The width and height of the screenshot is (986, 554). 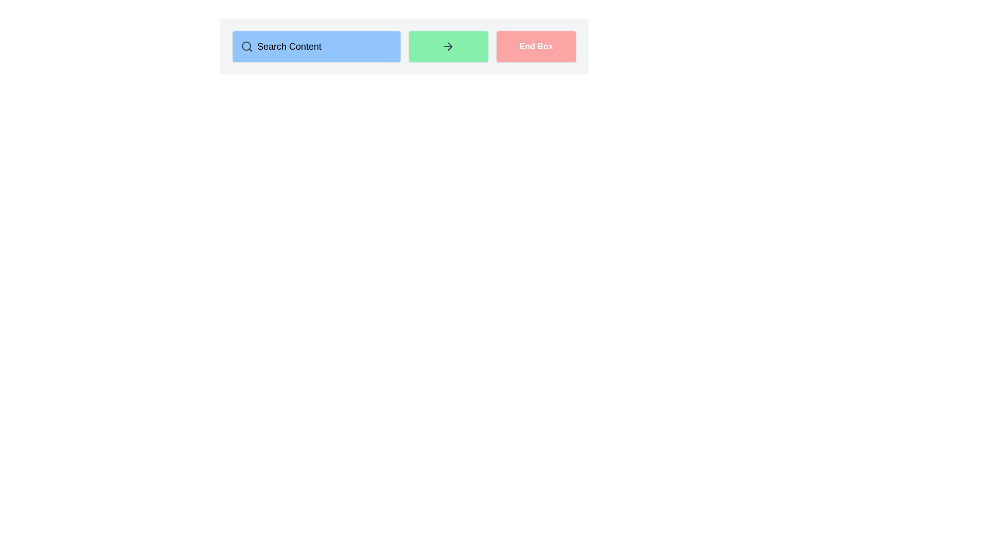 I want to click on the green rectangular button with rounded corners that has a right-pointing arrow icon, which is the third element in a grid layout between the blue 'Search Content' box and the pink 'End Box', to observe any hover-based effects or tooltips, so click(x=448, y=47).